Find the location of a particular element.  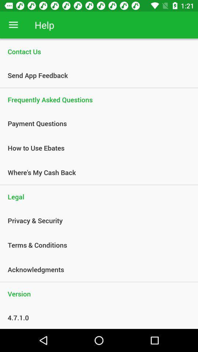

the icon below version icon is located at coordinates (95, 317).